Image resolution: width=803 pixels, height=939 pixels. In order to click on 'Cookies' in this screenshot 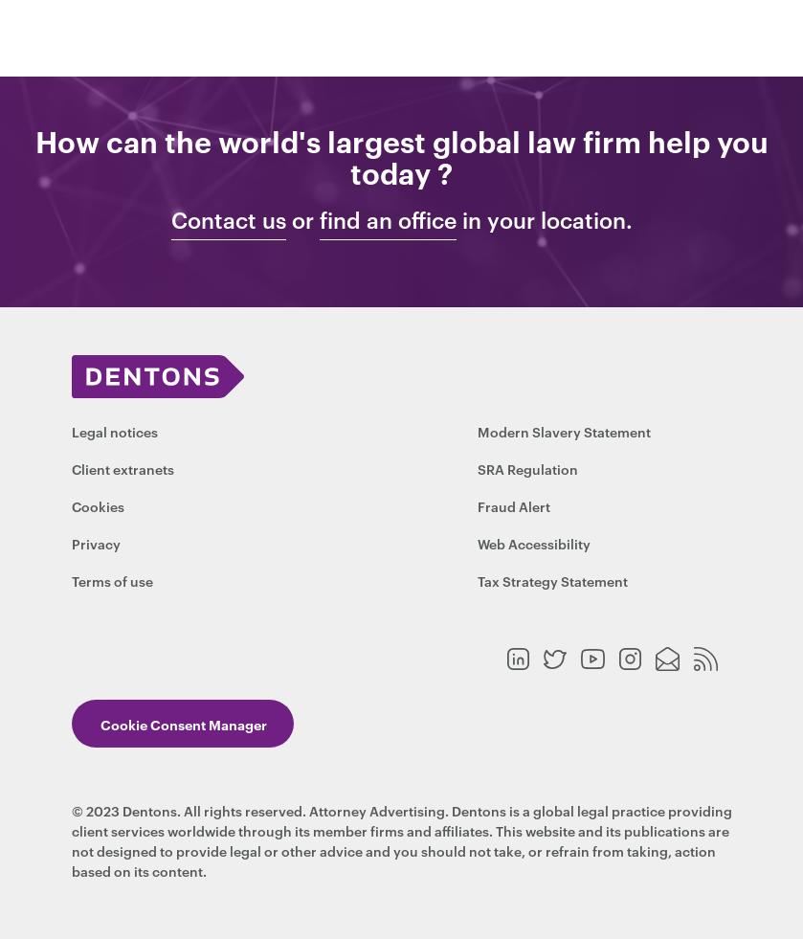, I will do `click(97, 505)`.